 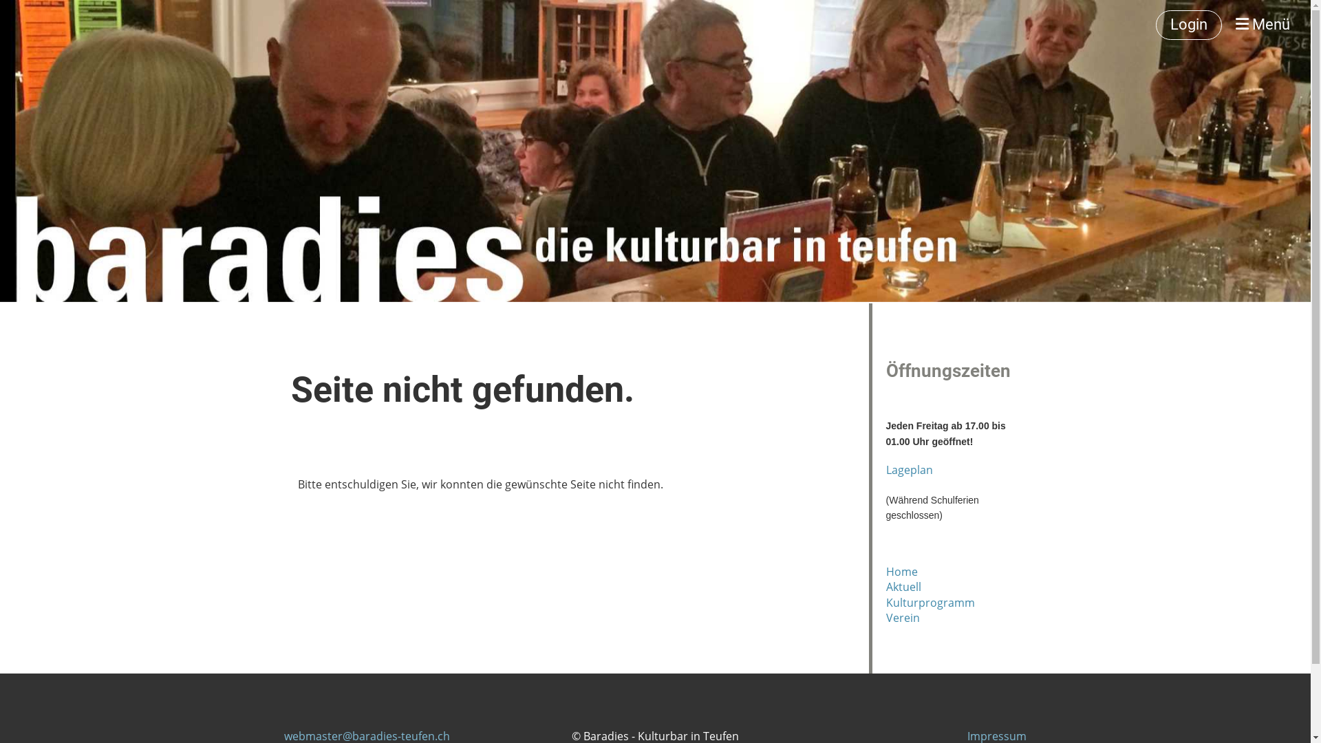 I want to click on 'Aktuell', so click(x=903, y=586).